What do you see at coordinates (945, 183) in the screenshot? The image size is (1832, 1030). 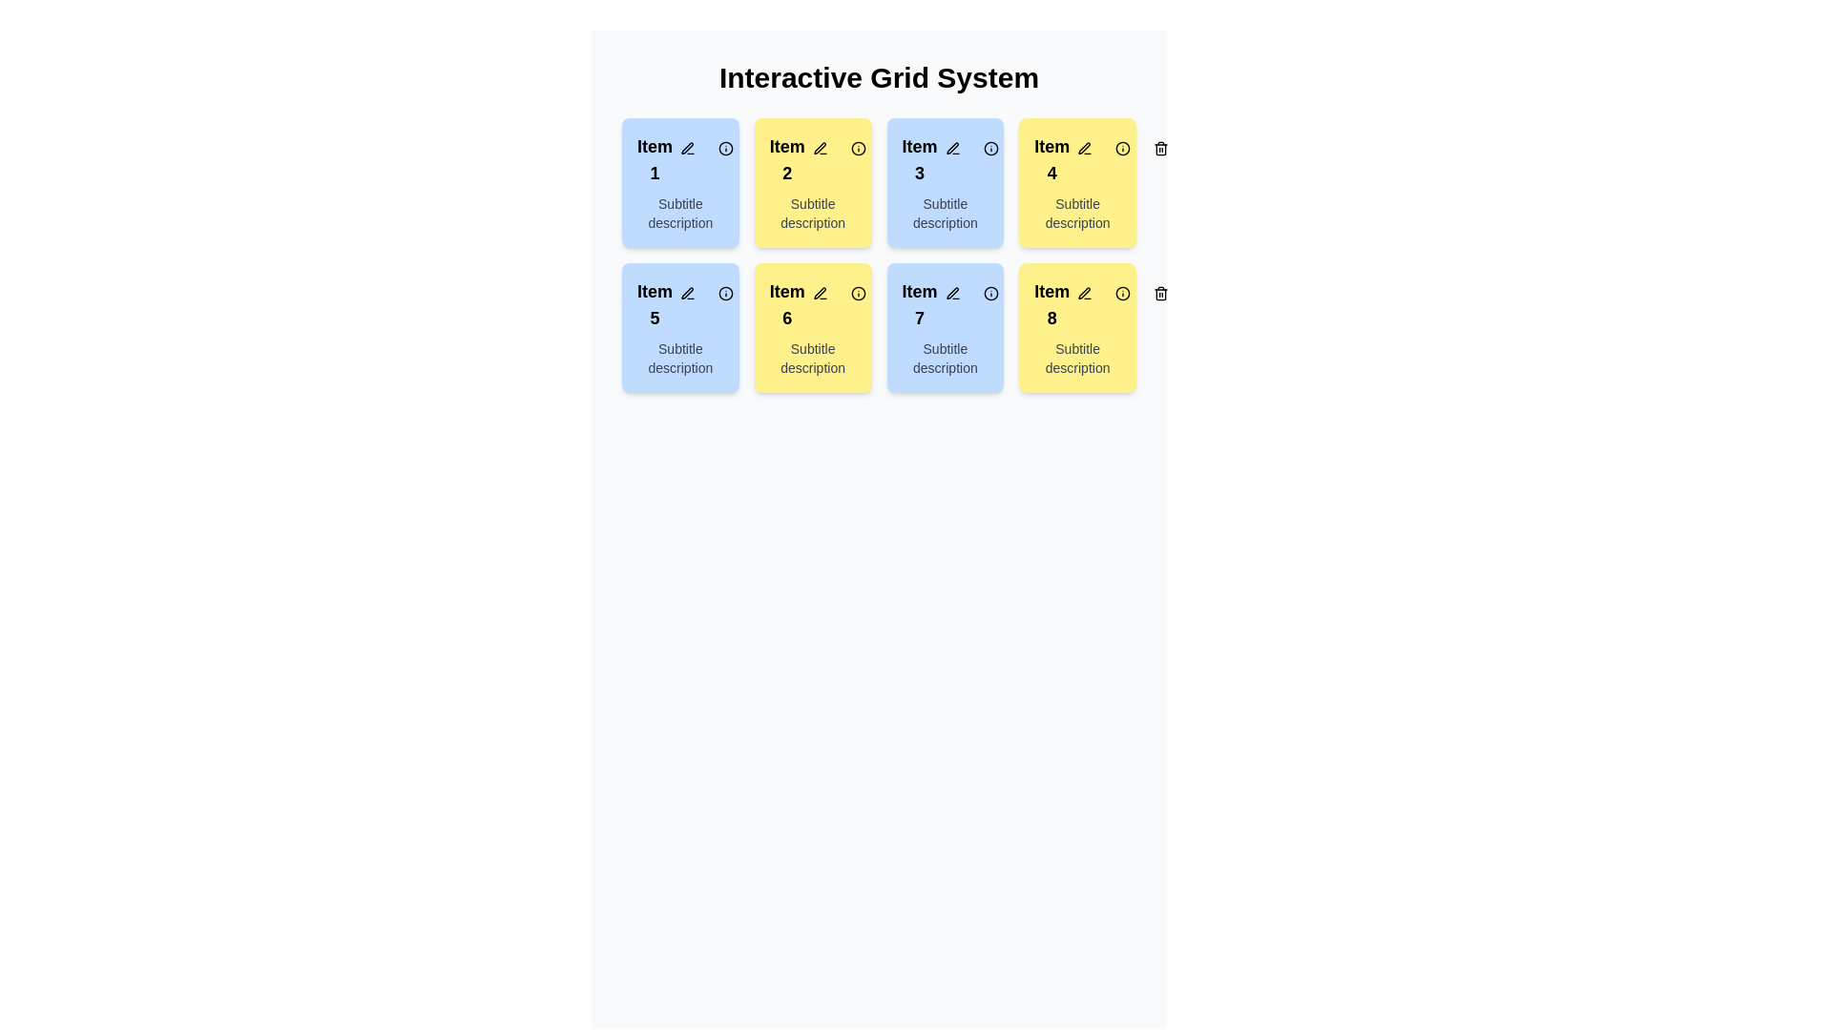 I see `the UI card component with a light blue background containing 'Item 3' and interactive icons in the top-right corner` at bounding box center [945, 183].